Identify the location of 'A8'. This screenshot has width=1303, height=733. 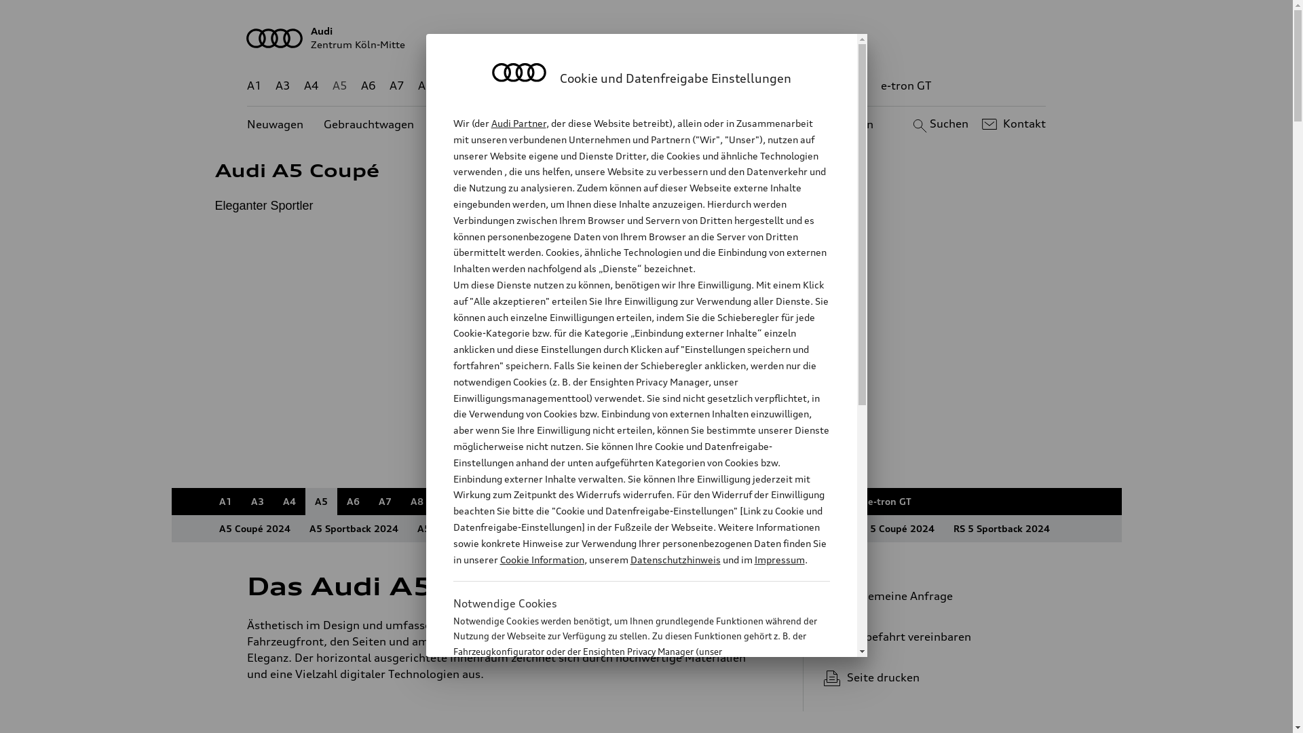
(415, 502).